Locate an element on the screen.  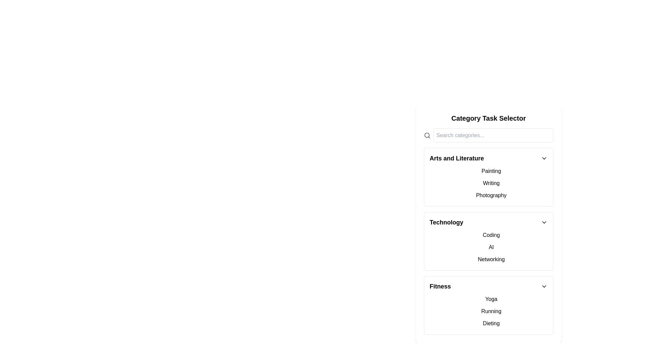
the 'Photography' selectable list item located is located at coordinates (491, 195).